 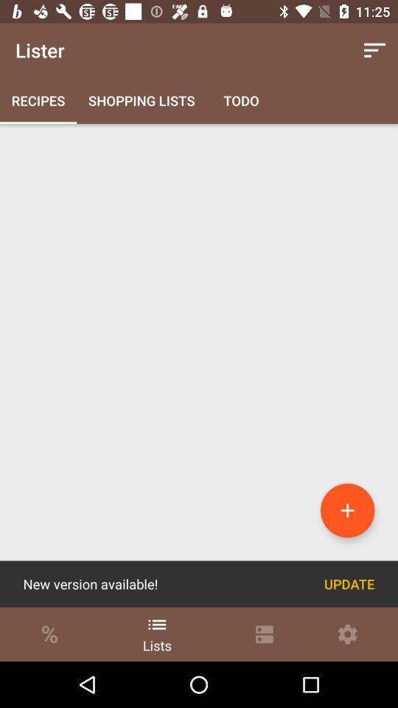 What do you see at coordinates (349, 584) in the screenshot?
I see `update item` at bounding box center [349, 584].